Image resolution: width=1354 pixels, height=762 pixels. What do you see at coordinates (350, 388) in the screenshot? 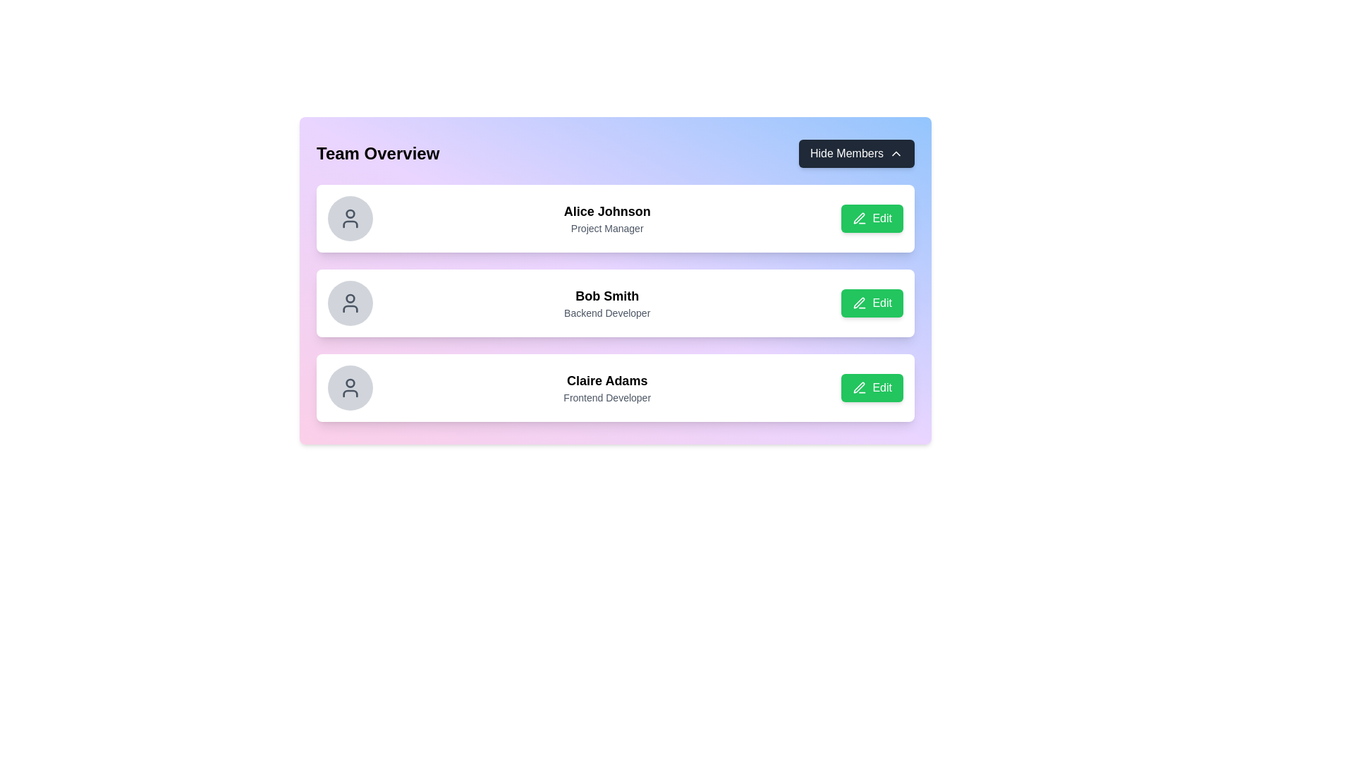
I see `the Avatar placeholder for the user profile of 'Claire Adams', located` at bounding box center [350, 388].